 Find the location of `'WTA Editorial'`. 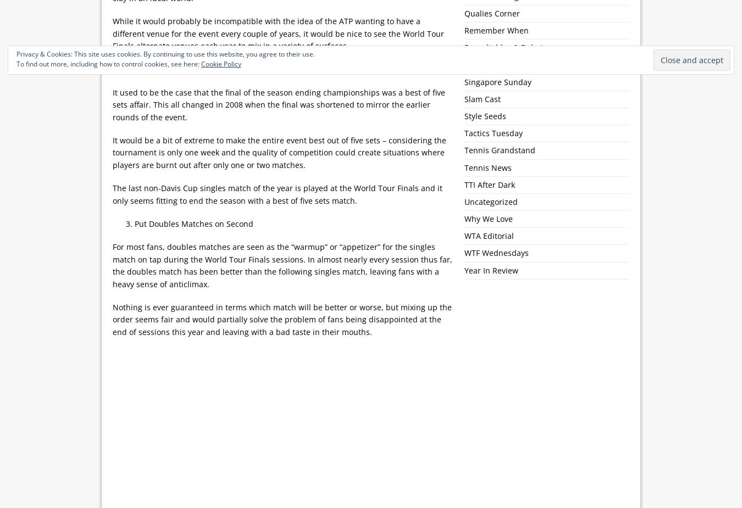

'WTA Editorial' is located at coordinates (464, 235).